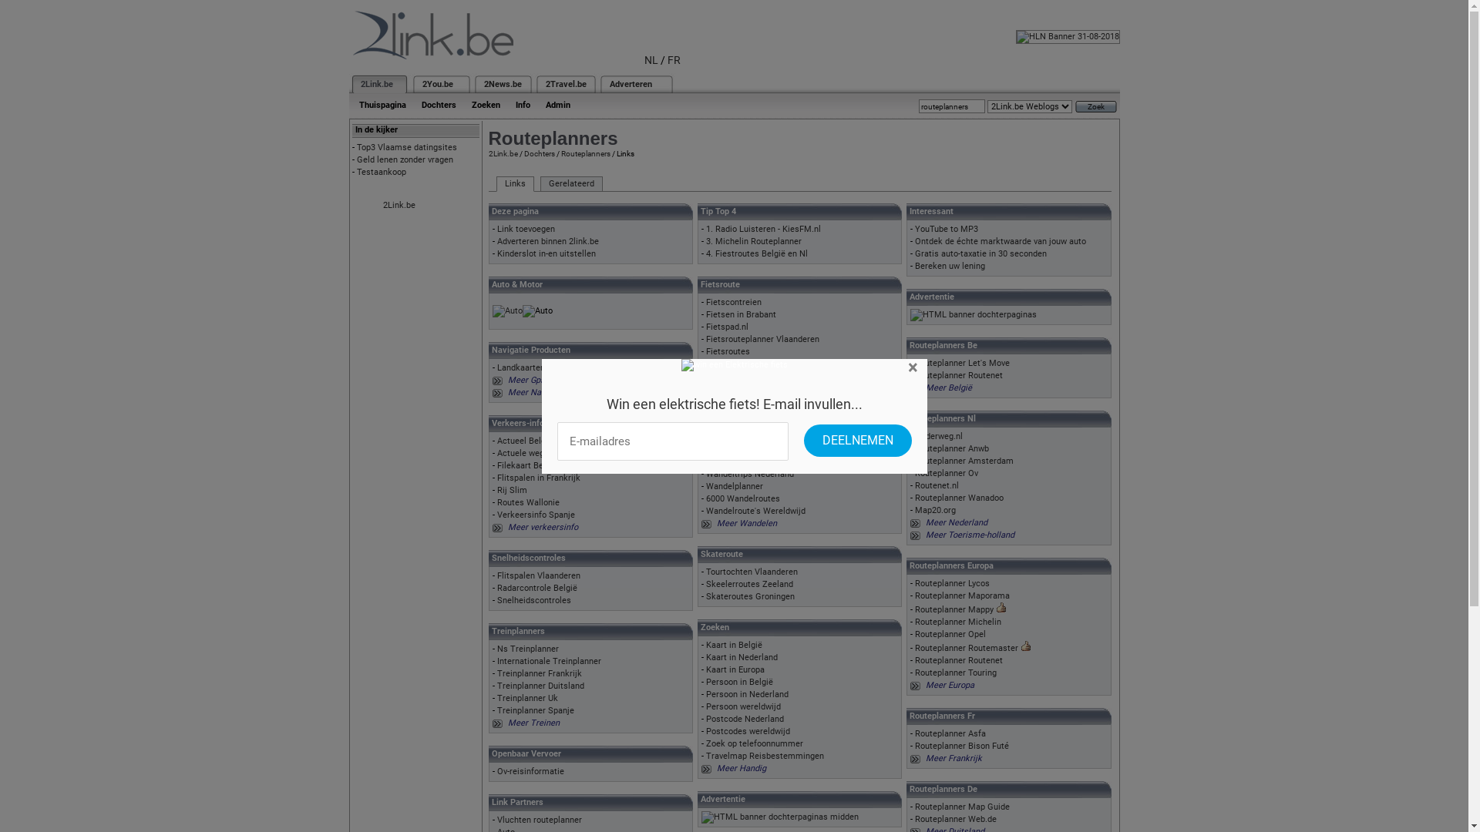  What do you see at coordinates (954, 672) in the screenshot?
I see `'Routeplanner Touring'` at bounding box center [954, 672].